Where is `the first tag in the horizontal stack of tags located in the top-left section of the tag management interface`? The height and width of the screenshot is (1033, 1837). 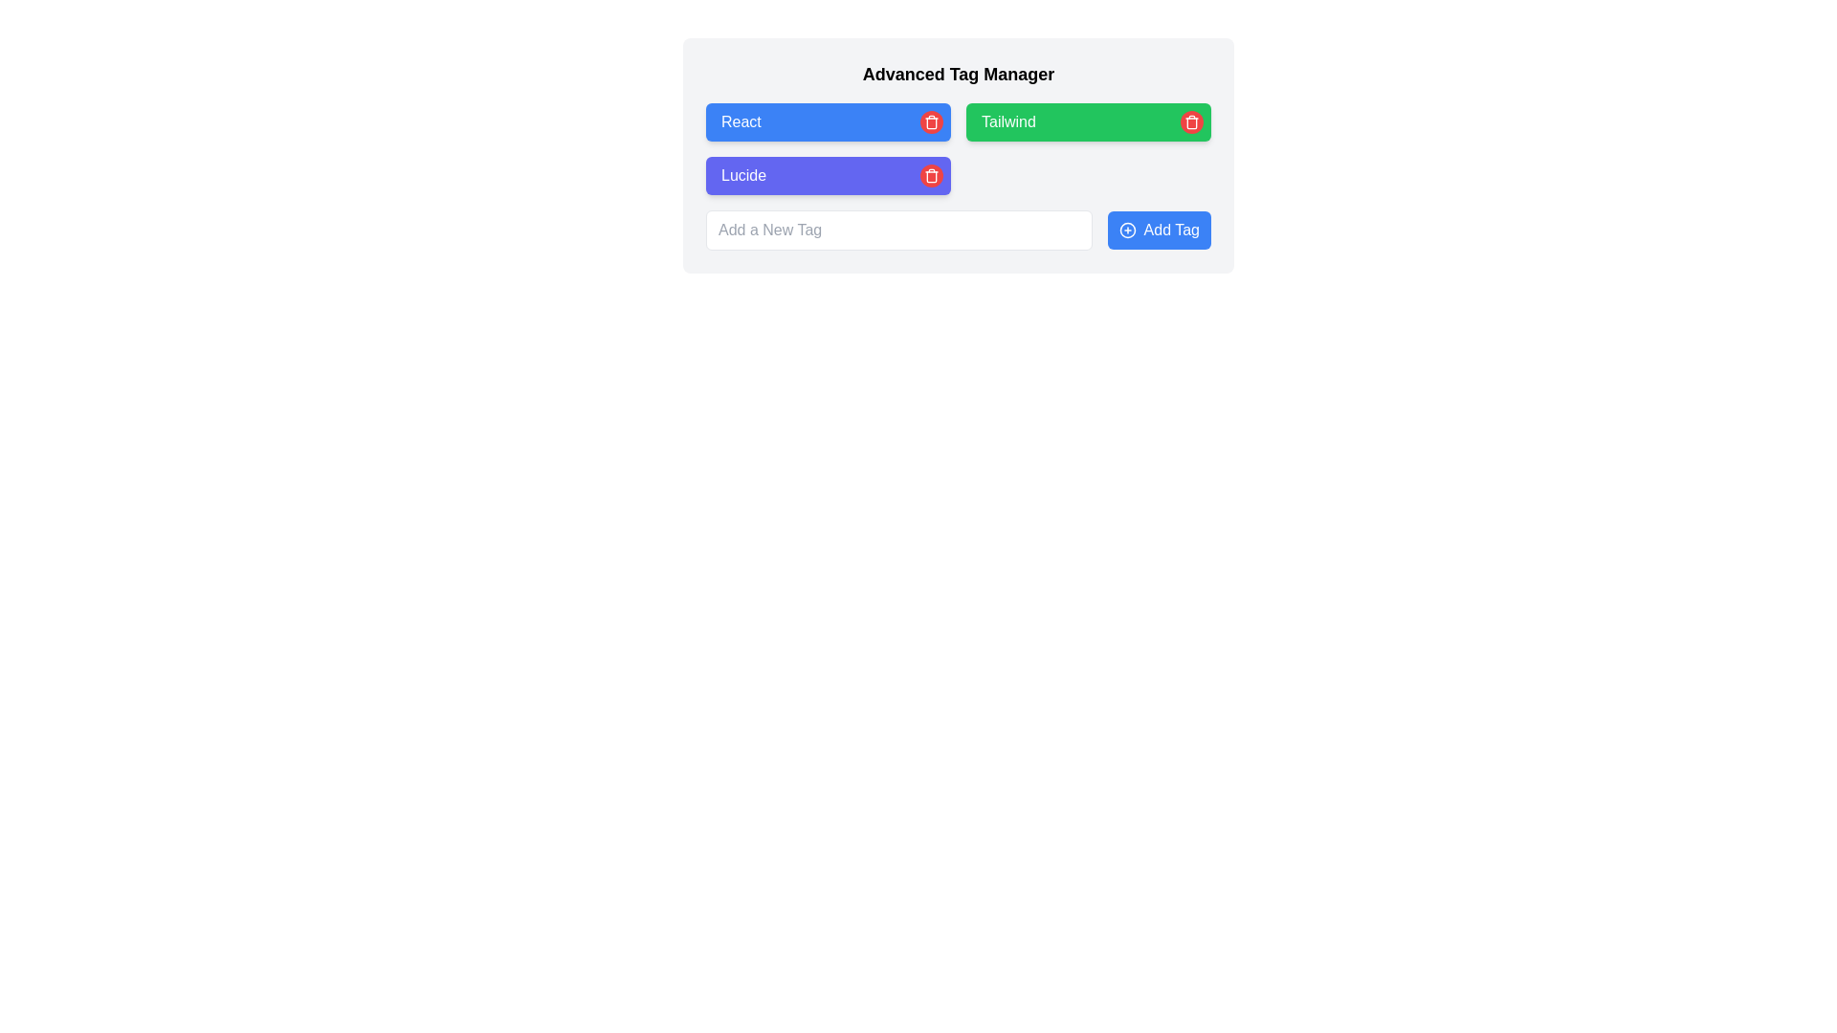 the first tag in the horizontal stack of tags located in the top-left section of the tag management interface is located at coordinates (740, 121).